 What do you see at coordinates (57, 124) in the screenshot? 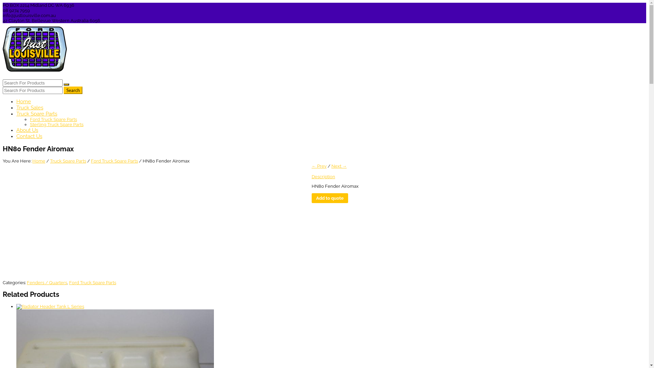
I see `'Sterling Truck Spare Parts'` at bounding box center [57, 124].